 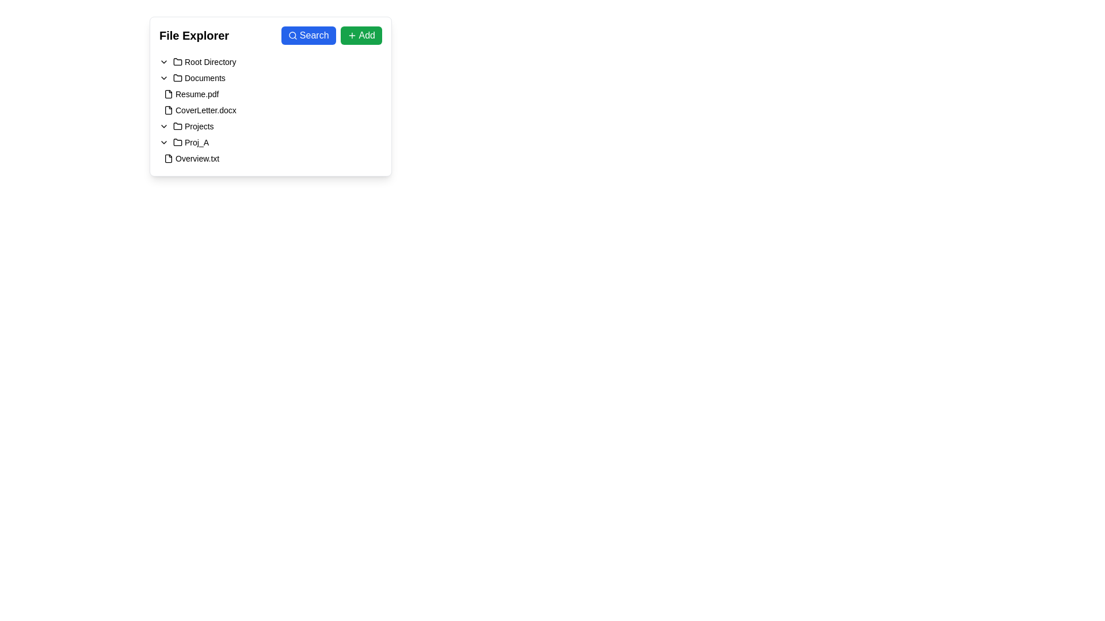 What do you see at coordinates (177, 141) in the screenshot?
I see `the second folder icon representing 'Proj_A' in the 'Projects' section` at bounding box center [177, 141].